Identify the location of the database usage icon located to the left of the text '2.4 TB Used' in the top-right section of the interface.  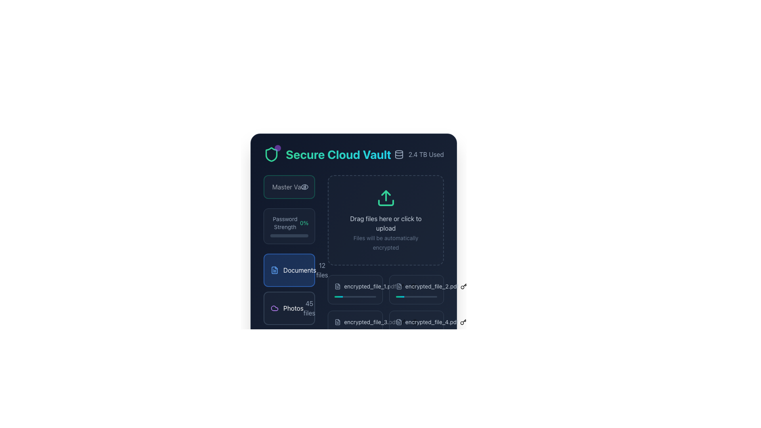
(399, 154).